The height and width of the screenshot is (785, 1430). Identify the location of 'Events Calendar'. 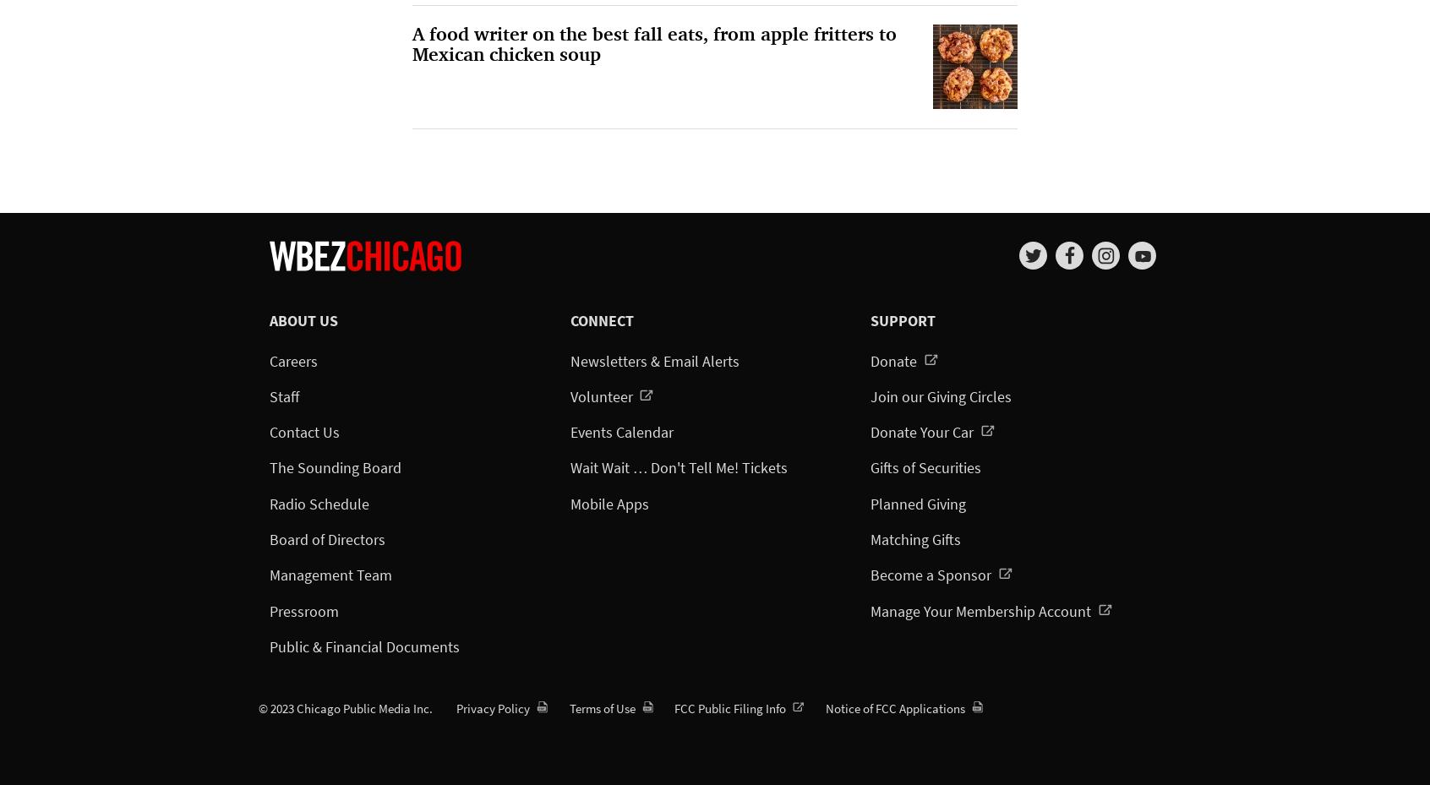
(620, 432).